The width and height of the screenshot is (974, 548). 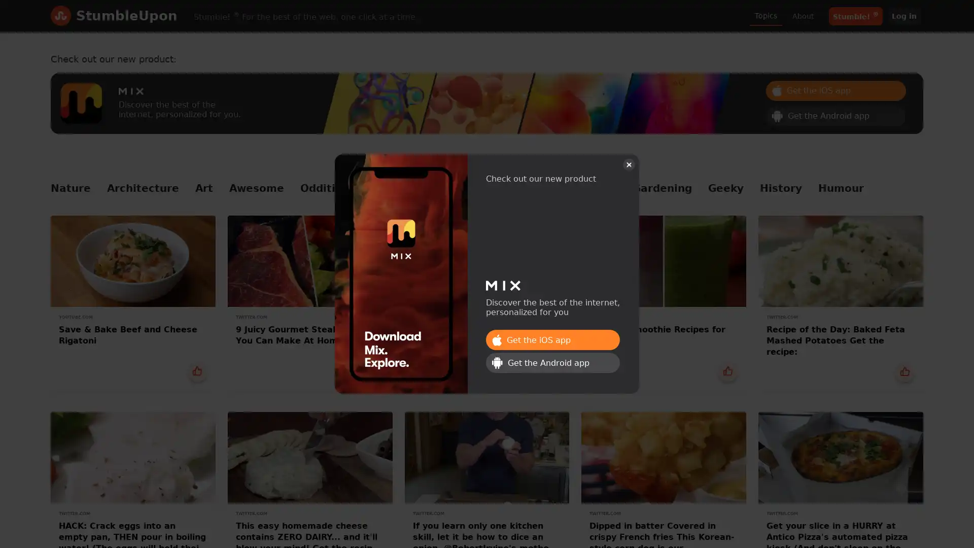 I want to click on Header Image 1 Get the Android app, so click(x=836, y=115).